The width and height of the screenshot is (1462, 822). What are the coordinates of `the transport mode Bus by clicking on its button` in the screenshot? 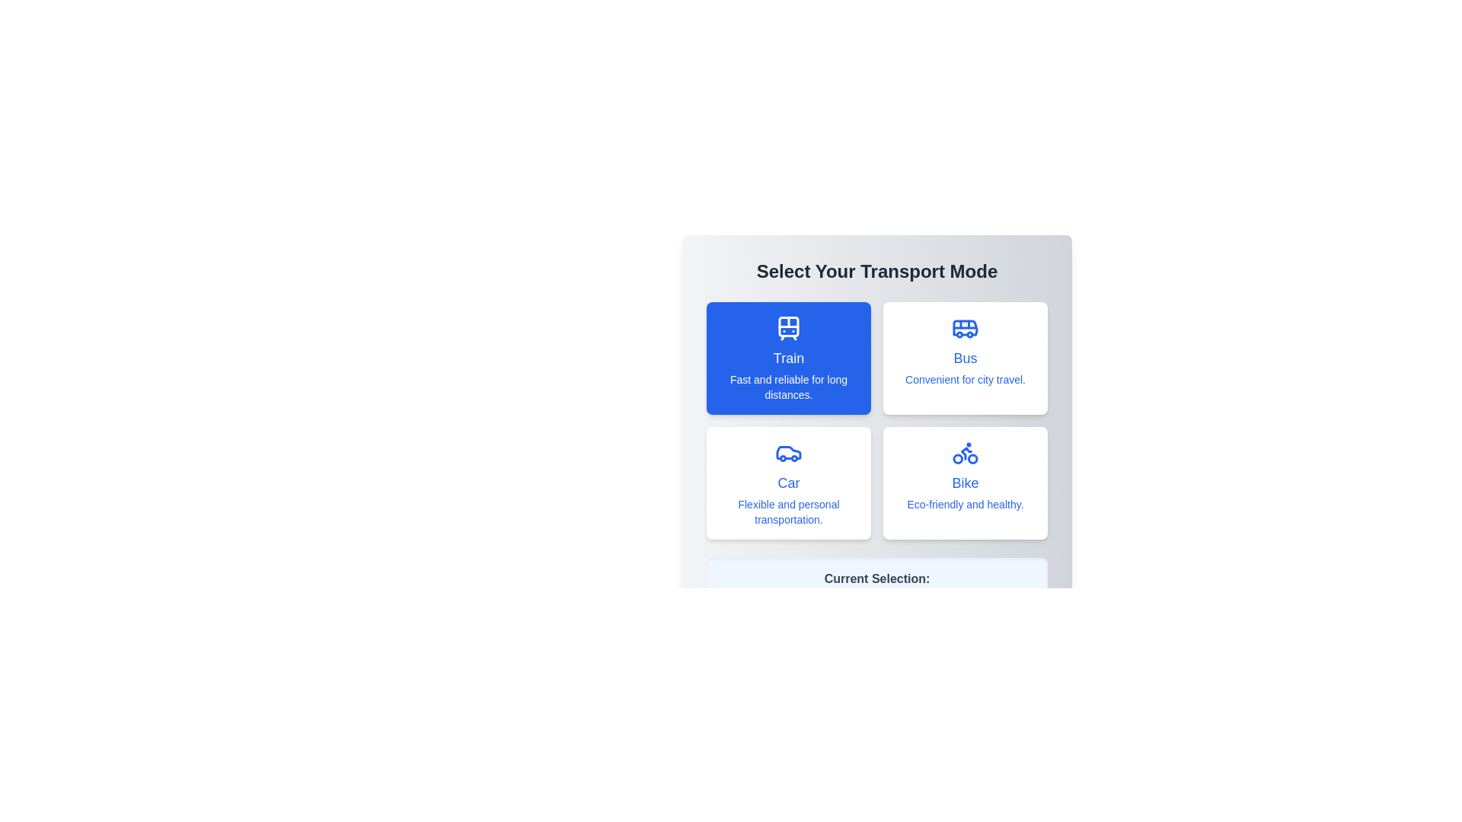 It's located at (964, 358).